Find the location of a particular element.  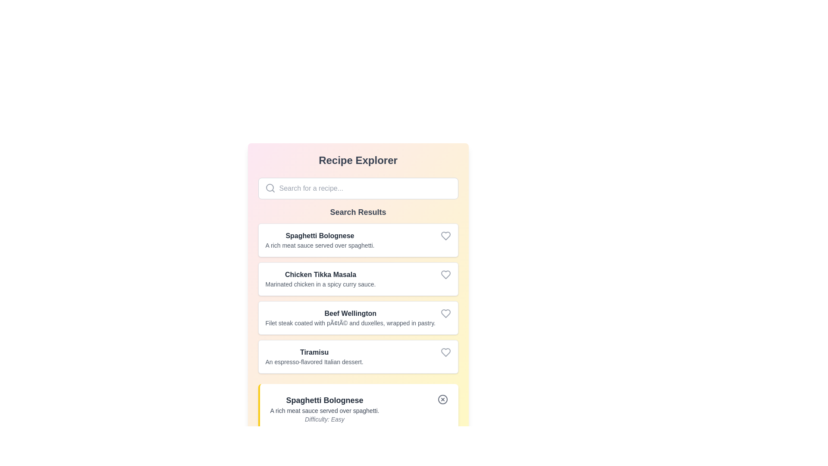

the second food item in the list of search results, which provides information about a dish and is located directly below the 'Spaghetti Bolognese' entry is located at coordinates (320, 279).